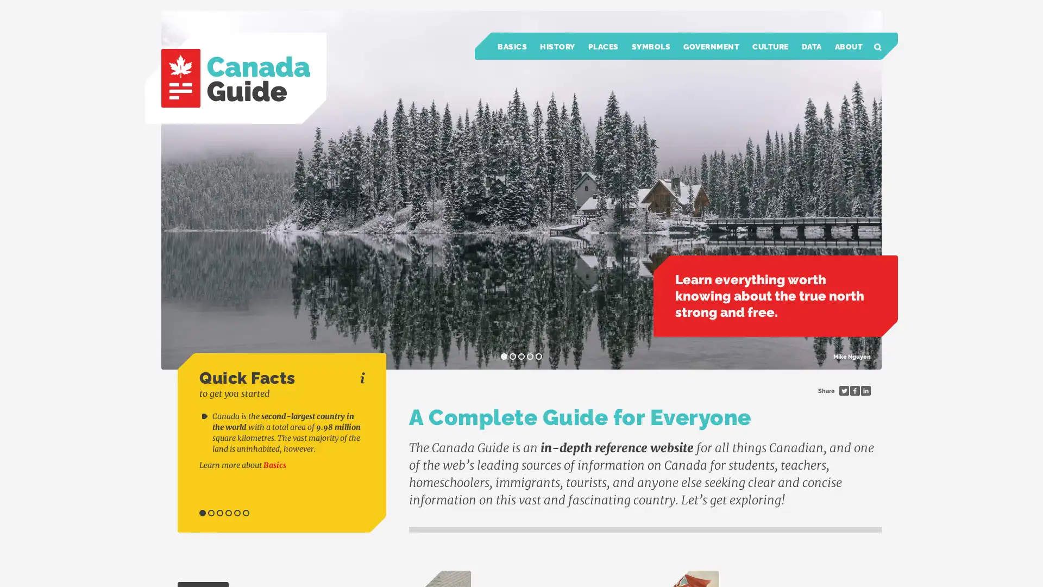  I want to click on Go to slide 5, so click(236, 513).